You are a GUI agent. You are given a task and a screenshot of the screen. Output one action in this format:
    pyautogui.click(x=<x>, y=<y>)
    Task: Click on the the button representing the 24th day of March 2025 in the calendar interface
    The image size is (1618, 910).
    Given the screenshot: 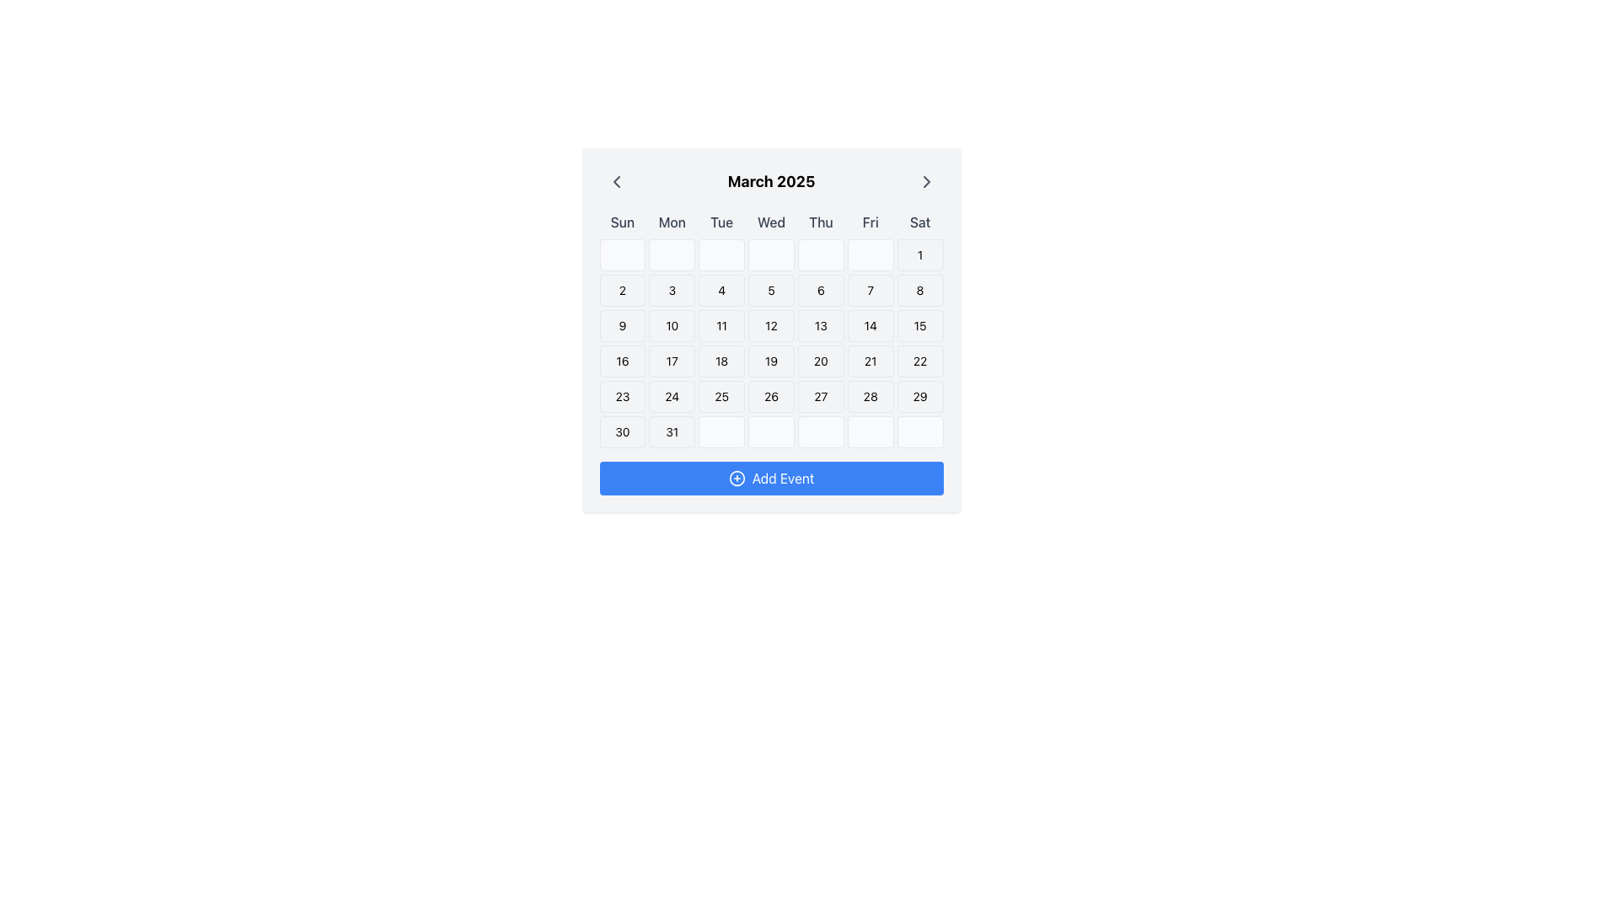 What is the action you would take?
    pyautogui.click(x=671, y=396)
    